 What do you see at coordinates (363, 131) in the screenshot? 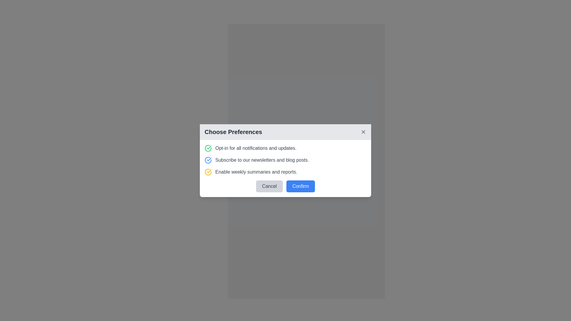
I see `the close button located at the top-right corner of the 'Choose Preferences' modal header` at bounding box center [363, 131].